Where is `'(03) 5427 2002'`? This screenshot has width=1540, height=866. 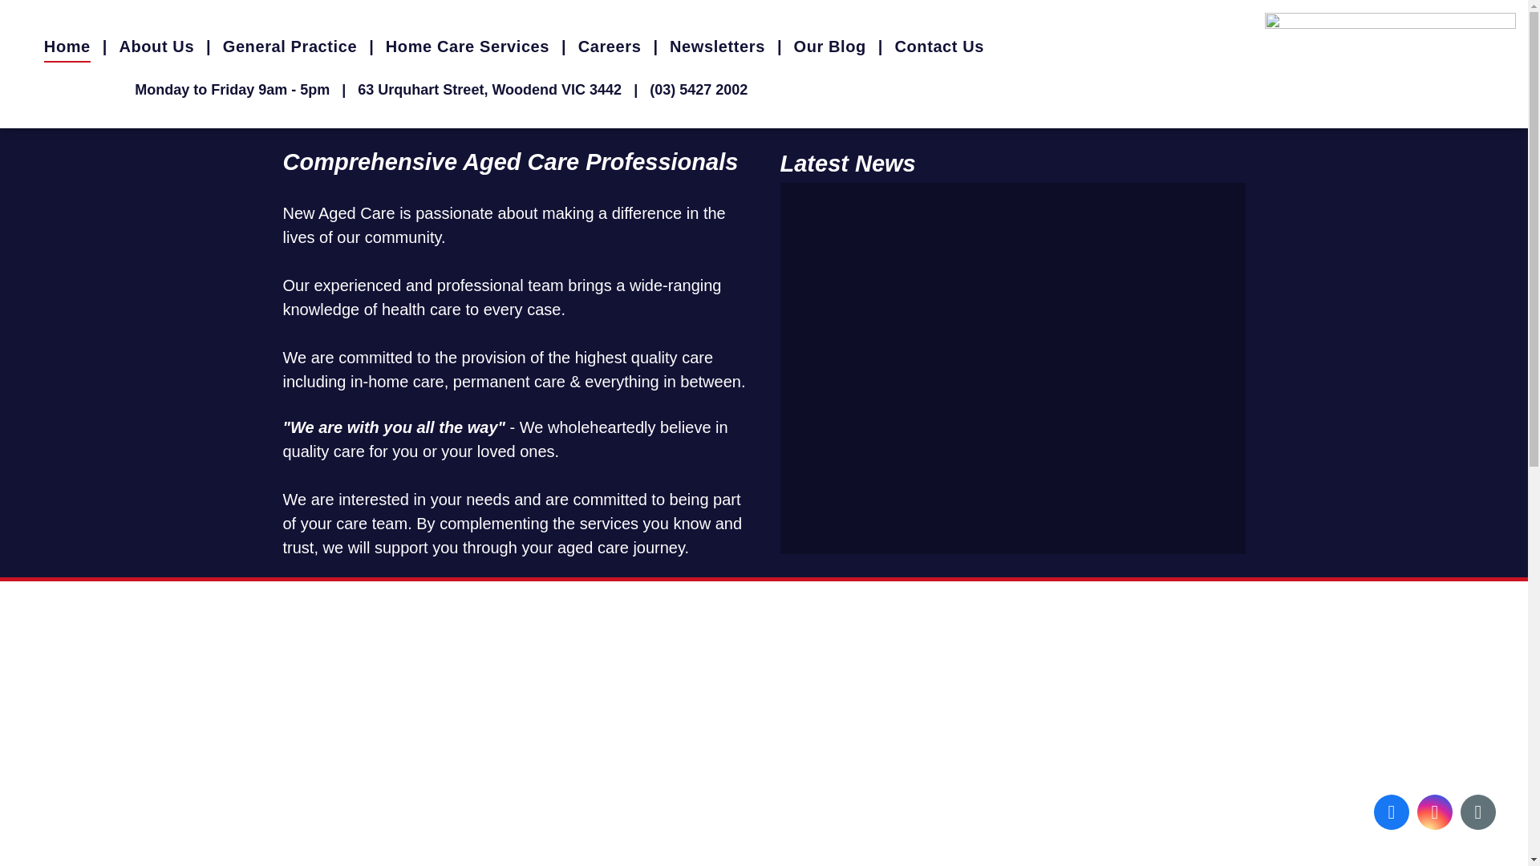
'(03) 5427 2002' is located at coordinates (650, 89).